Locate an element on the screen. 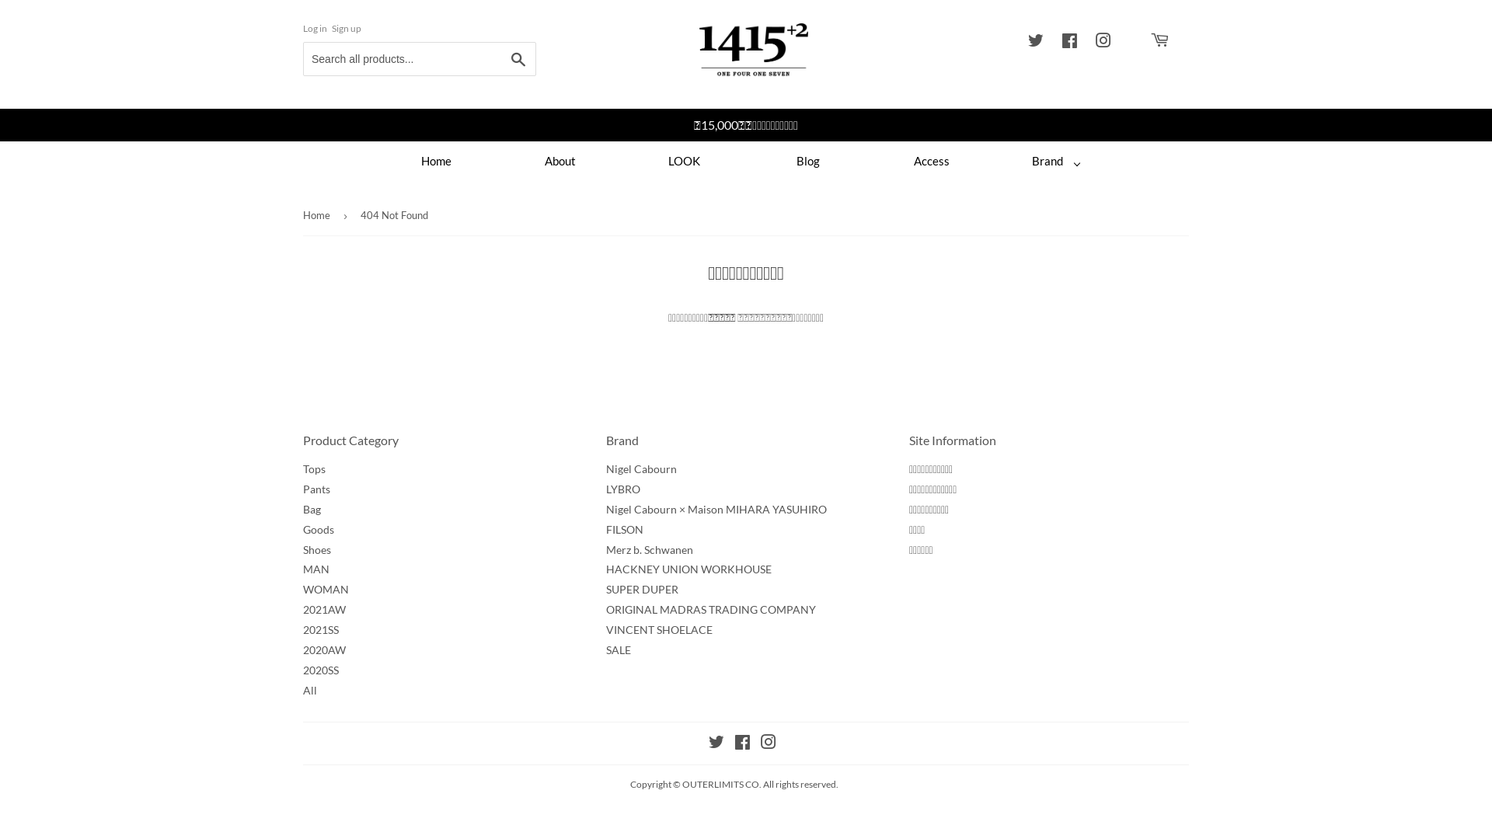 The width and height of the screenshot is (1492, 839). 'Instagram' is located at coordinates (760, 743).